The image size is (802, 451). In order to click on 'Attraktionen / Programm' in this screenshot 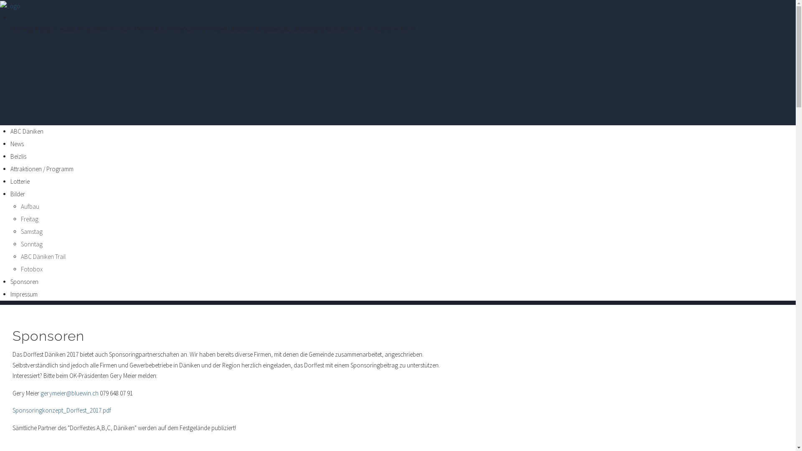, I will do `click(41, 169)`.